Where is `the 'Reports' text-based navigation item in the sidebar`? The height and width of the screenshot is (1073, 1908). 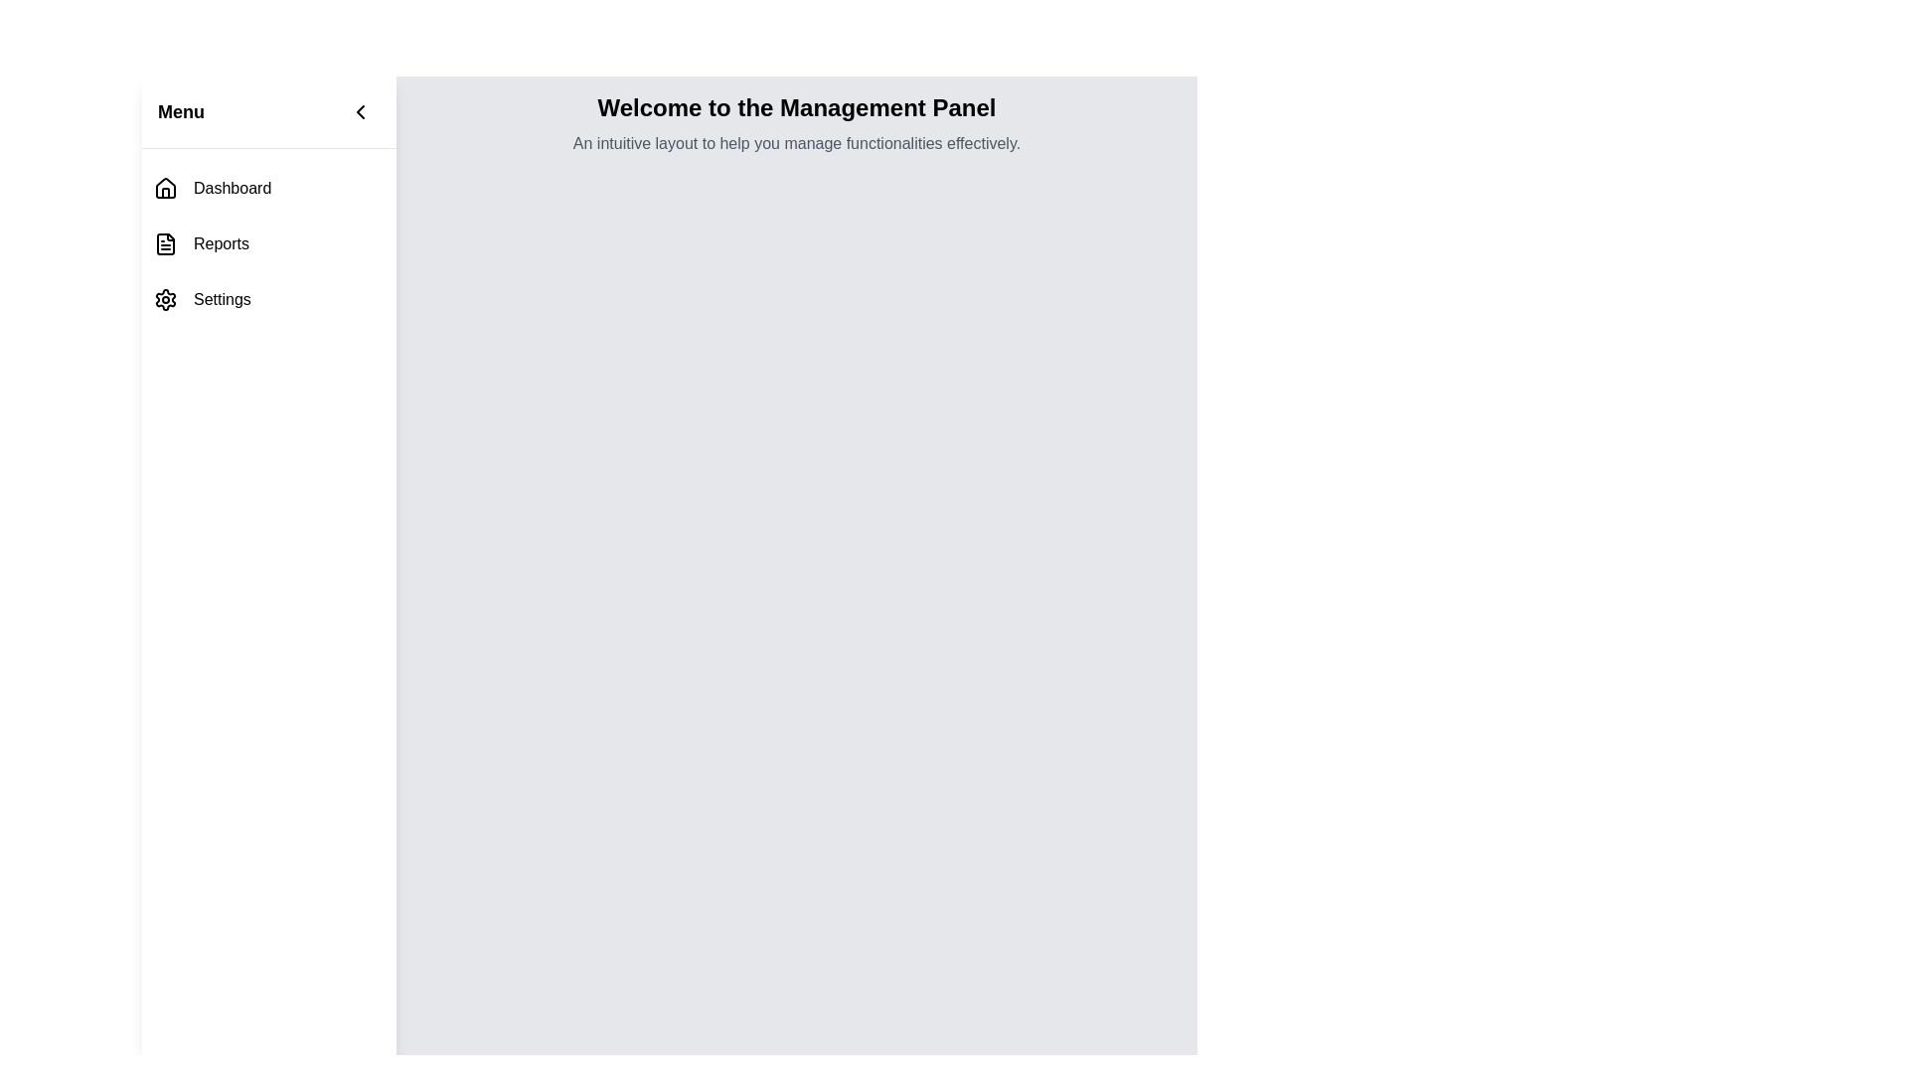 the 'Reports' text-based navigation item in the sidebar is located at coordinates (221, 243).